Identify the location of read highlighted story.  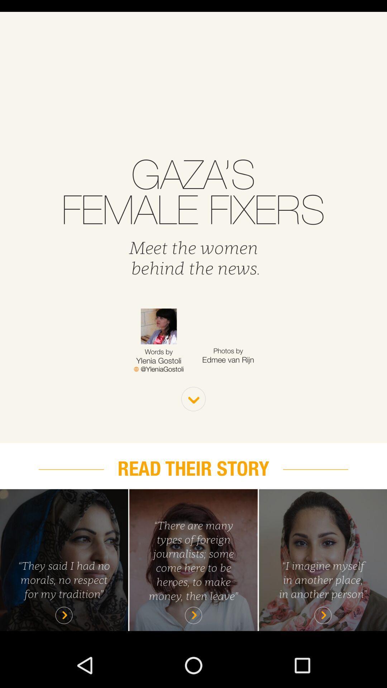
(193, 559).